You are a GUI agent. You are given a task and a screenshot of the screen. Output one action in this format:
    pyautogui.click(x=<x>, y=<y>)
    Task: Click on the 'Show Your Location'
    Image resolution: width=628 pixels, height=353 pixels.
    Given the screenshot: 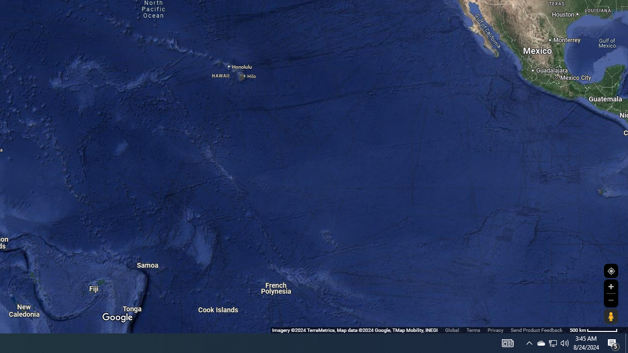 What is the action you would take?
    pyautogui.click(x=610, y=271)
    